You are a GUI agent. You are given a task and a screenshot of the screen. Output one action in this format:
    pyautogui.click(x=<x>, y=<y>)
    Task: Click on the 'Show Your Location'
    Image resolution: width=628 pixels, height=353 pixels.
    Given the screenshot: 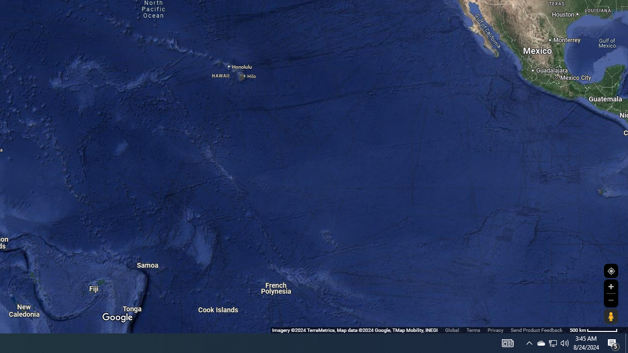 What is the action you would take?
    pyautogui.click(x=610, y=271)
    